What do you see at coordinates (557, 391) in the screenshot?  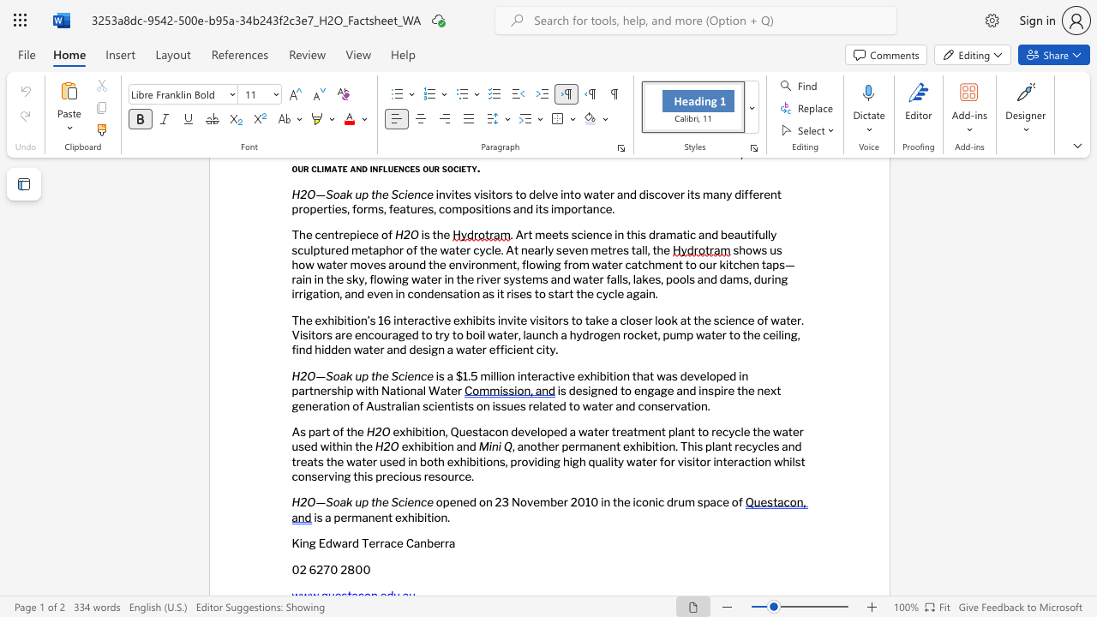 I see `the subset text "is designed to engage and inspire the next generation of Australian scientists on issu" within the text "is designed to engage and inspire the next generation of Australian scientists on issues related to water and conservation."` at bounding box center [557, 391].